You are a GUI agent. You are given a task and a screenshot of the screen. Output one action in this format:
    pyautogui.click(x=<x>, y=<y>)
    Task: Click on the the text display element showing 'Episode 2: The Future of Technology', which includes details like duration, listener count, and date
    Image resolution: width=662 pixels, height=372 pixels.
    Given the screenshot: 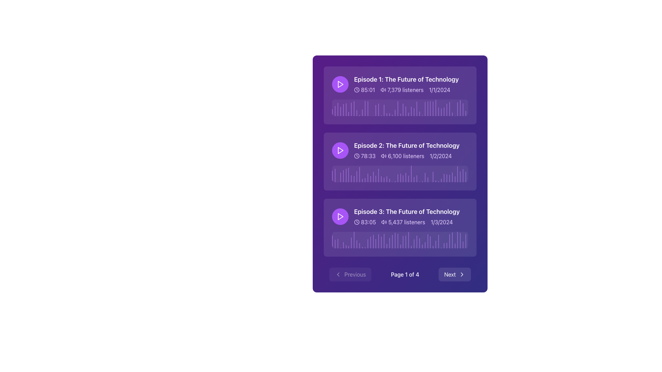 What is the action you would take?
    pyautogui.click(x=407, y=150)
    